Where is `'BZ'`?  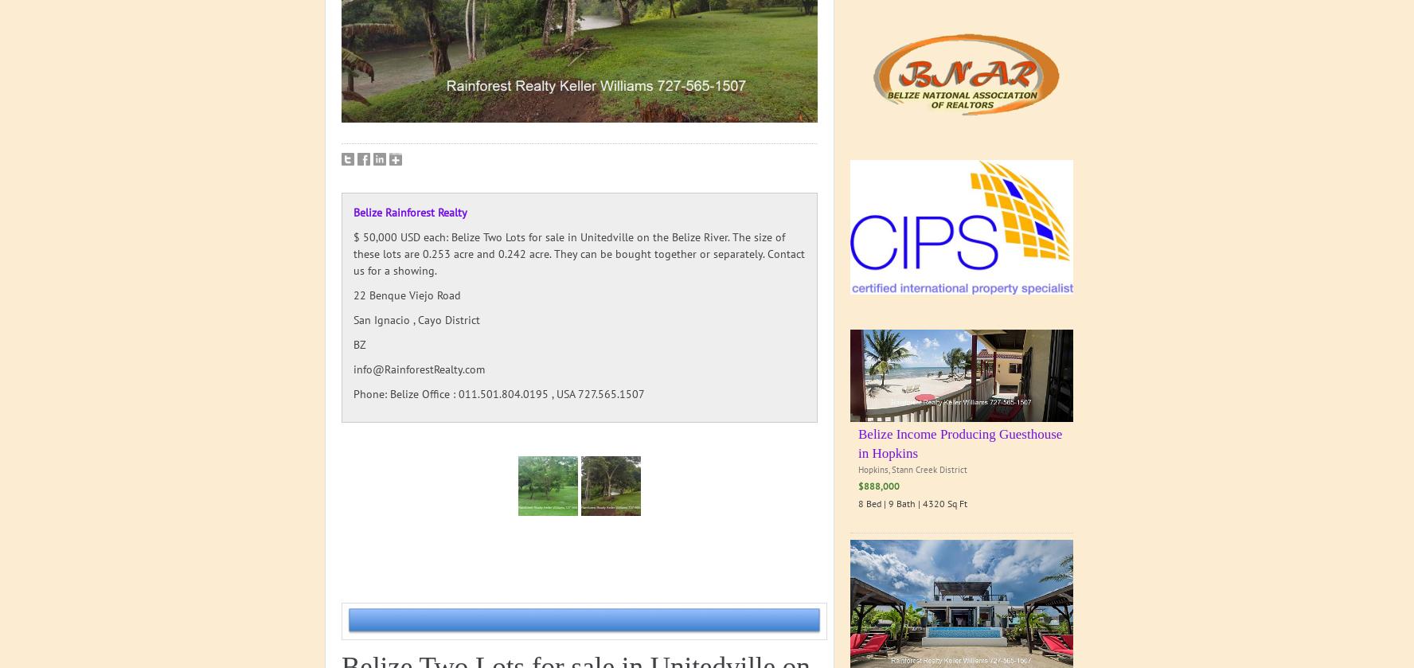 'BZ' is located at coordinates (358, 344).